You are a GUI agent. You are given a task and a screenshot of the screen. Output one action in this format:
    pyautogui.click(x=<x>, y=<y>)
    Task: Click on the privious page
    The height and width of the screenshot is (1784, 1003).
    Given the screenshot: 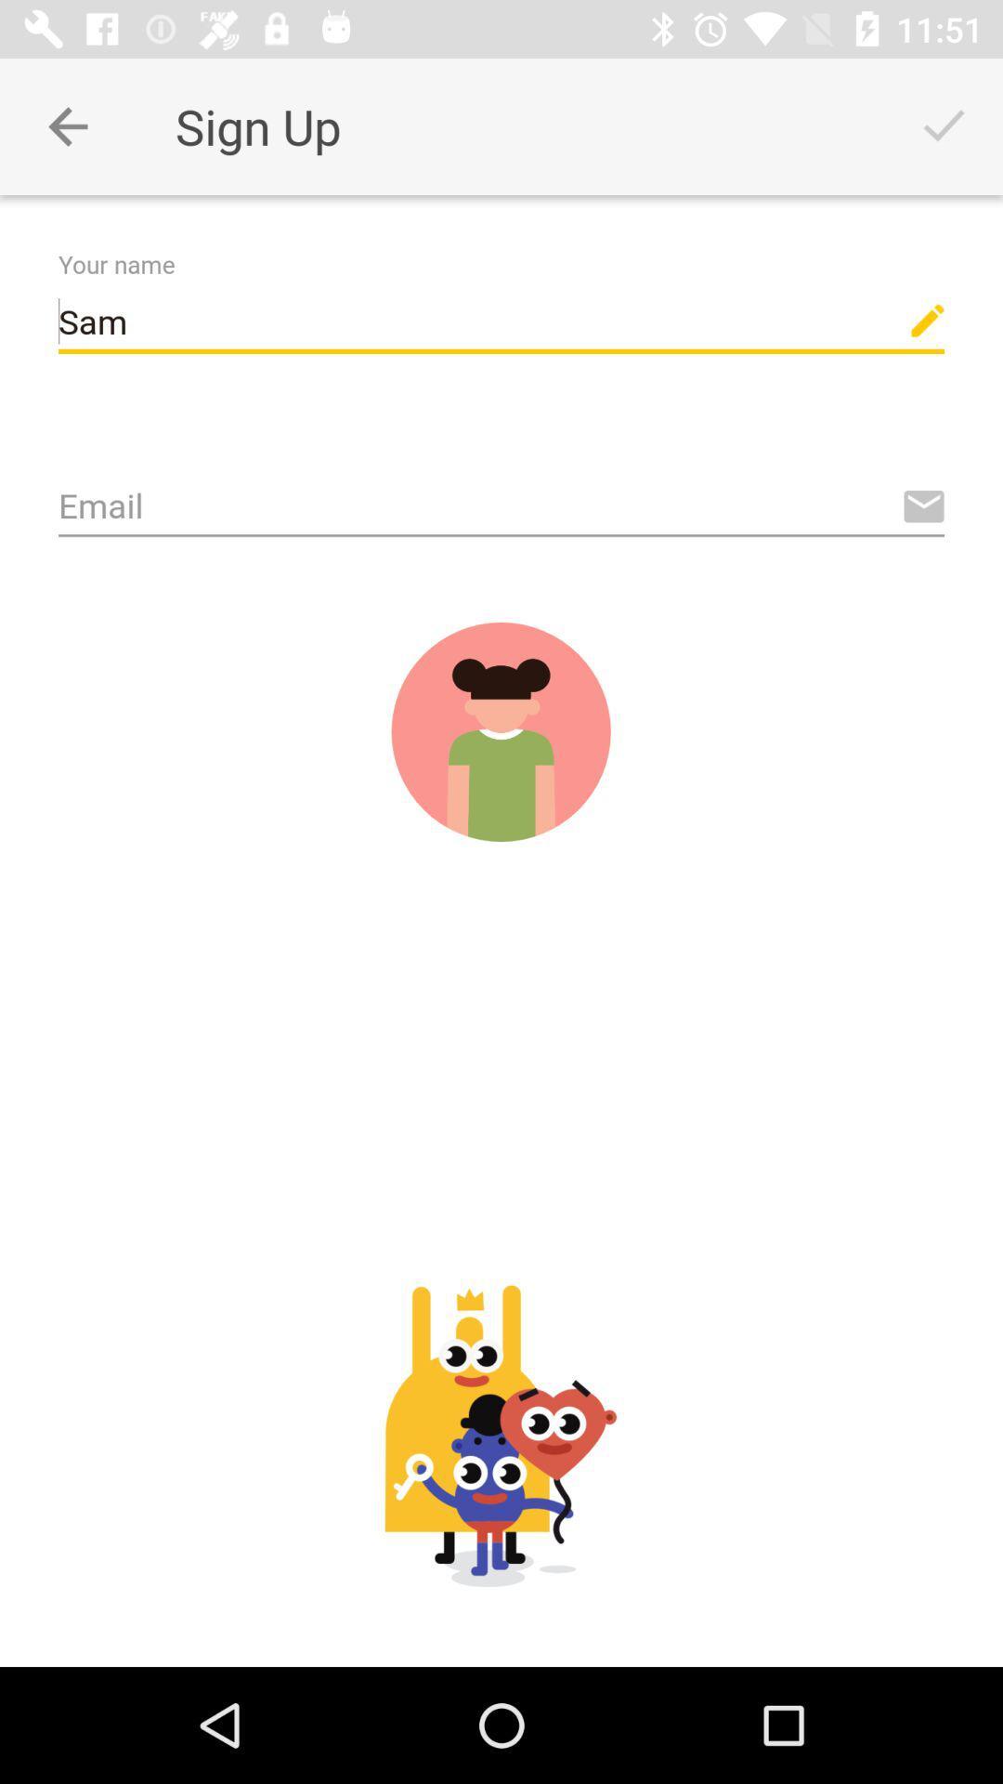 What is the action you would take?
    pyautogui.click(x=67, y=125)
    